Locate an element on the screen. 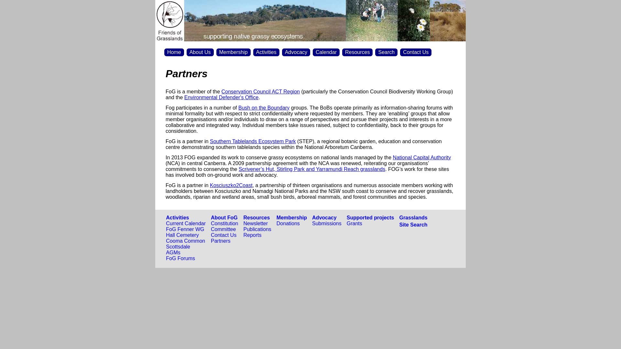 This screenshot has height=349, width=621. 'About FoG' is located at coordinates (224, 217).